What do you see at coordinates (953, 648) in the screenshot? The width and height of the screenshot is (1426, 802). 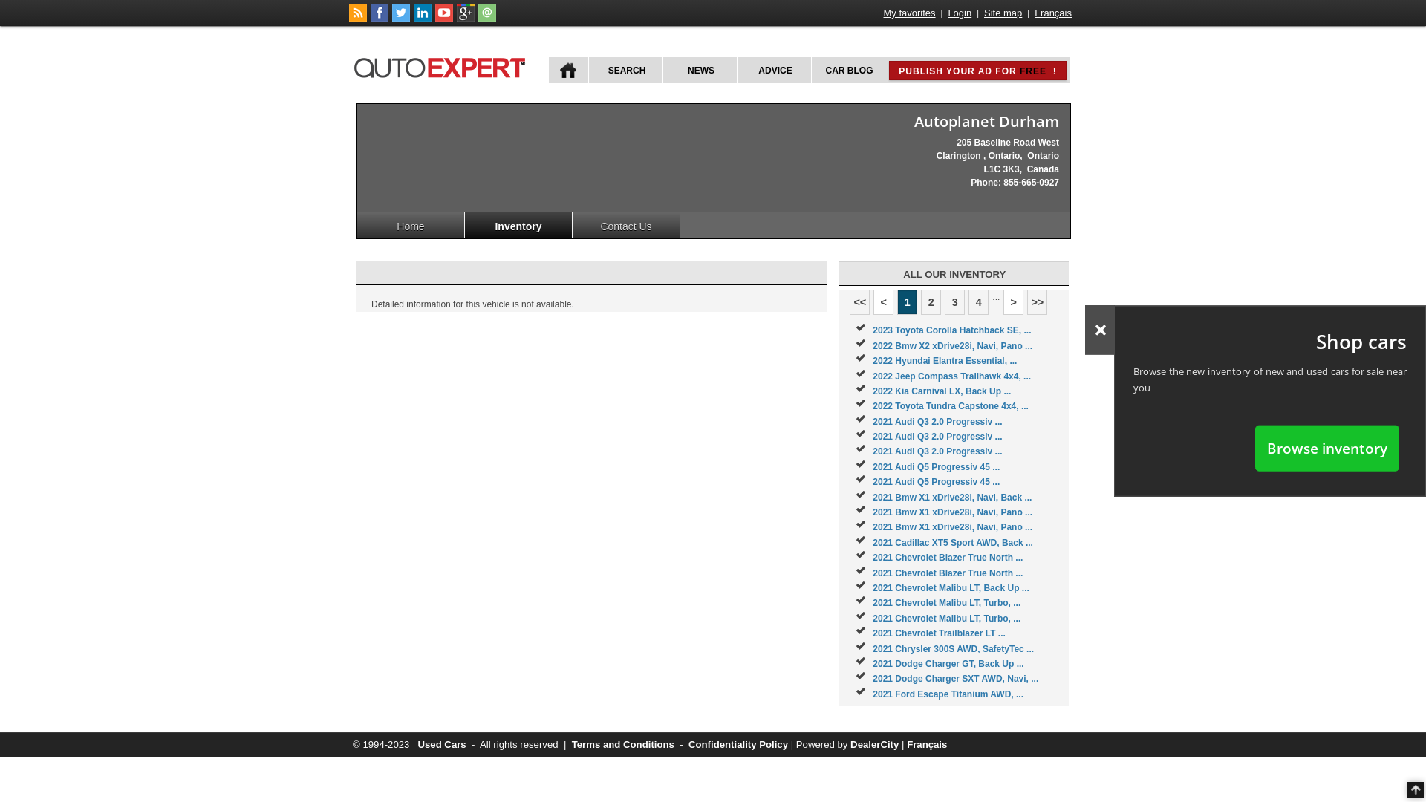 I see `'2021 Chrysler 300S AWD, SafetyTec ...'` at bounding box center [953, 648].